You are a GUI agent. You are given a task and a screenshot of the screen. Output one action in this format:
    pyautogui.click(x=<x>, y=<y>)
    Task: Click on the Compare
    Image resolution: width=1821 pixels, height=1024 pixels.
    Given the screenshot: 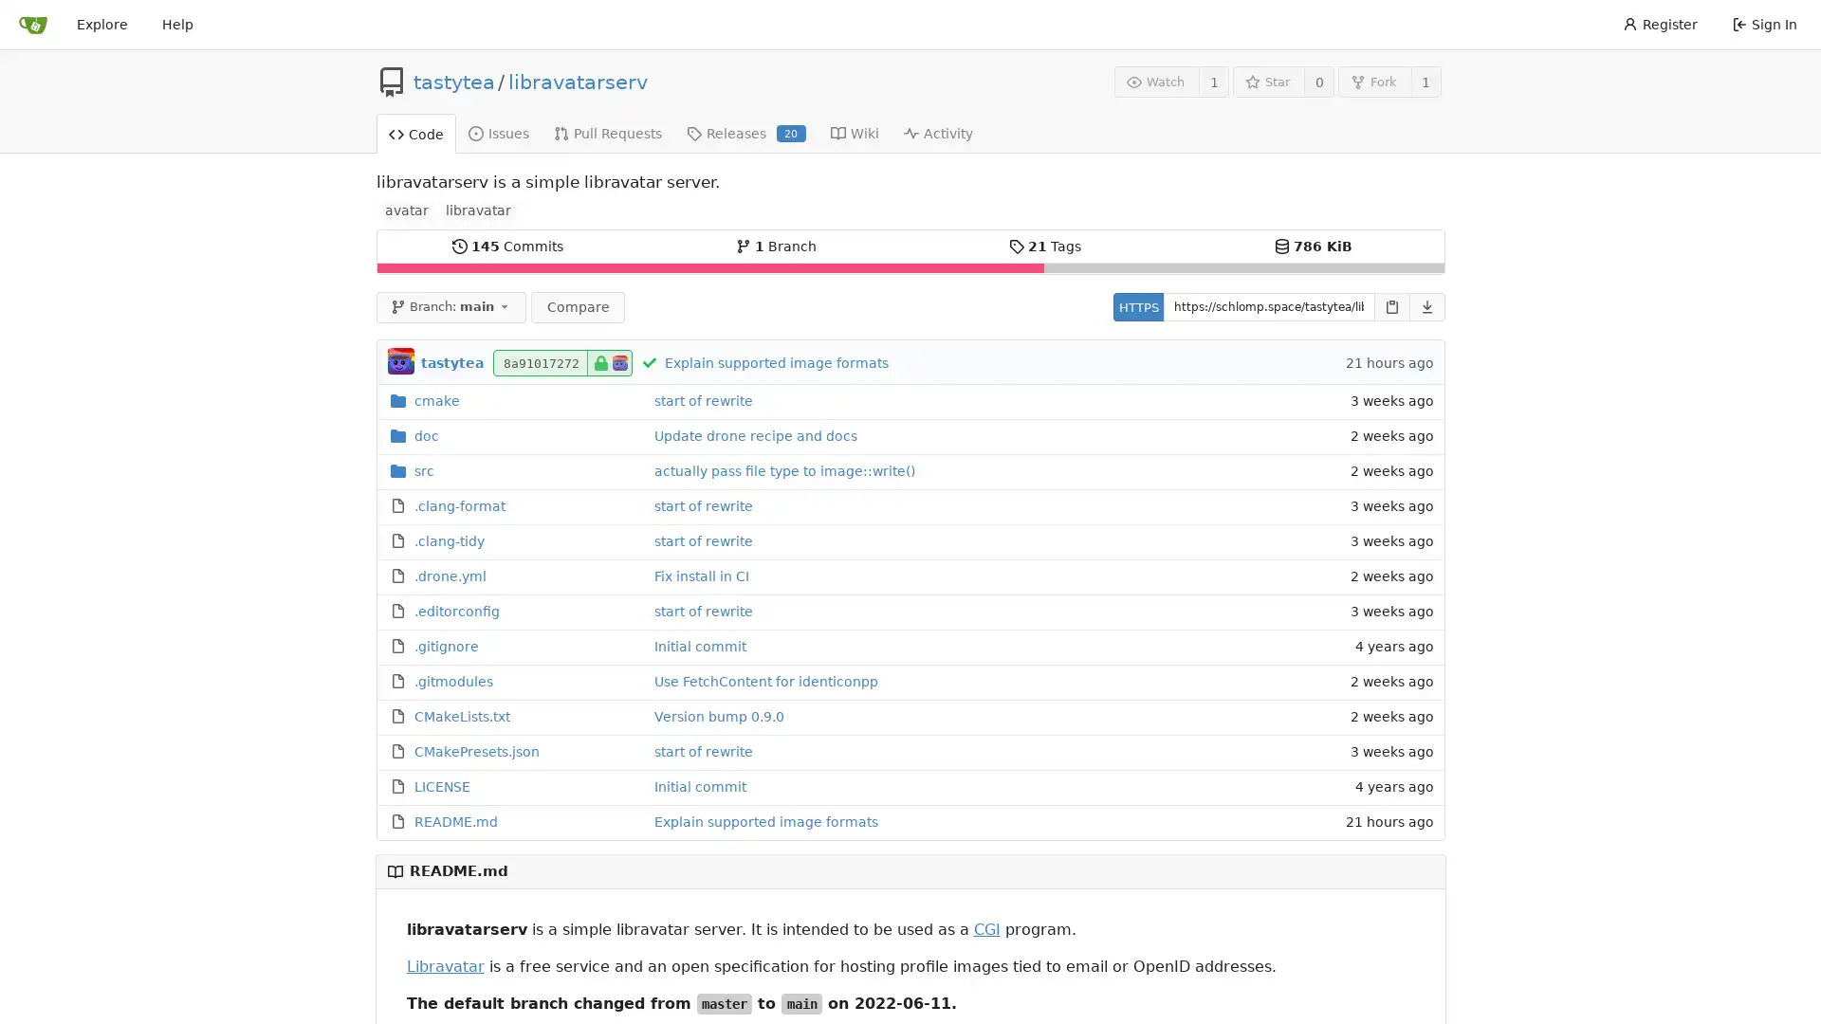 What is the action you would take?
    pyautogui.click(x=577, y=306)
    